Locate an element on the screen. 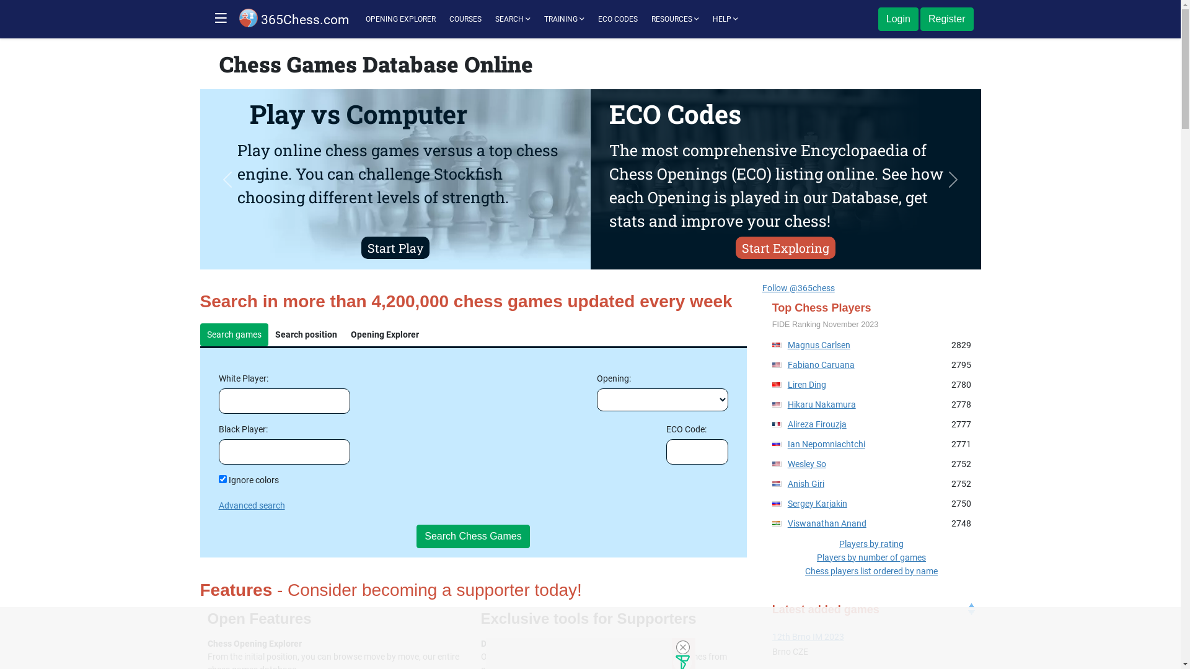 The width and height of the screenshot is (1190, 669). 'Magnus Carlsen' is located at coordinates (819, 344).